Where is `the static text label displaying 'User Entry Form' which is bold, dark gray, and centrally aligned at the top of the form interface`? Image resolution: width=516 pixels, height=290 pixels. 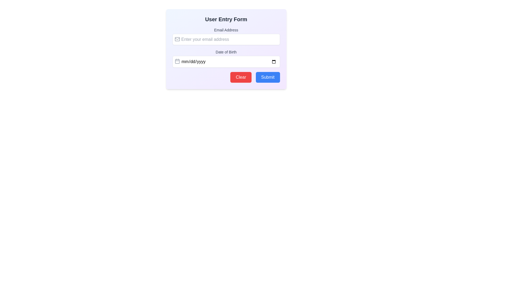
the static text label displaying 'User Entry Form' which is bold, dark gray, and centrally aligned at the top of the form interface is located at coordinates (226, 19).